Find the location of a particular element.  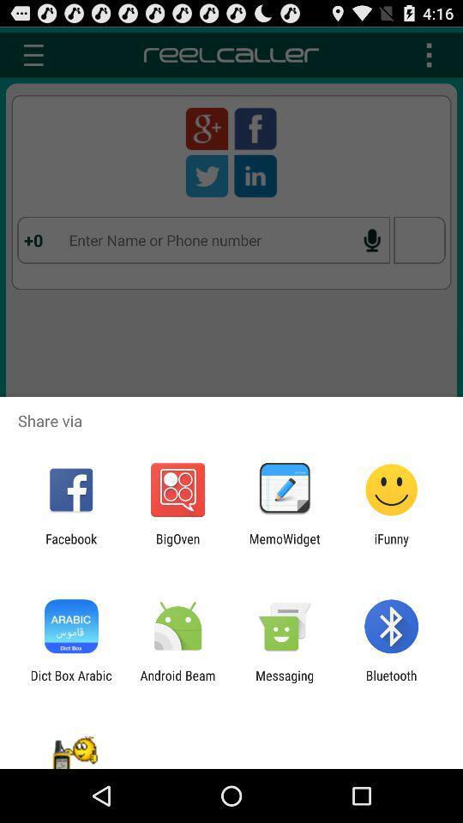

item next to the facebook icon is located at coordinates (177, 545).